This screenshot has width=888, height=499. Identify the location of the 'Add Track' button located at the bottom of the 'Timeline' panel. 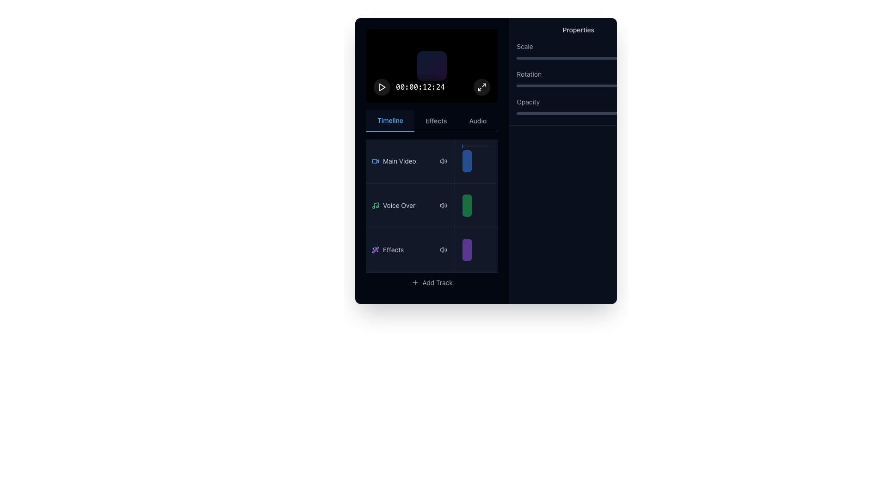
(432, 281).